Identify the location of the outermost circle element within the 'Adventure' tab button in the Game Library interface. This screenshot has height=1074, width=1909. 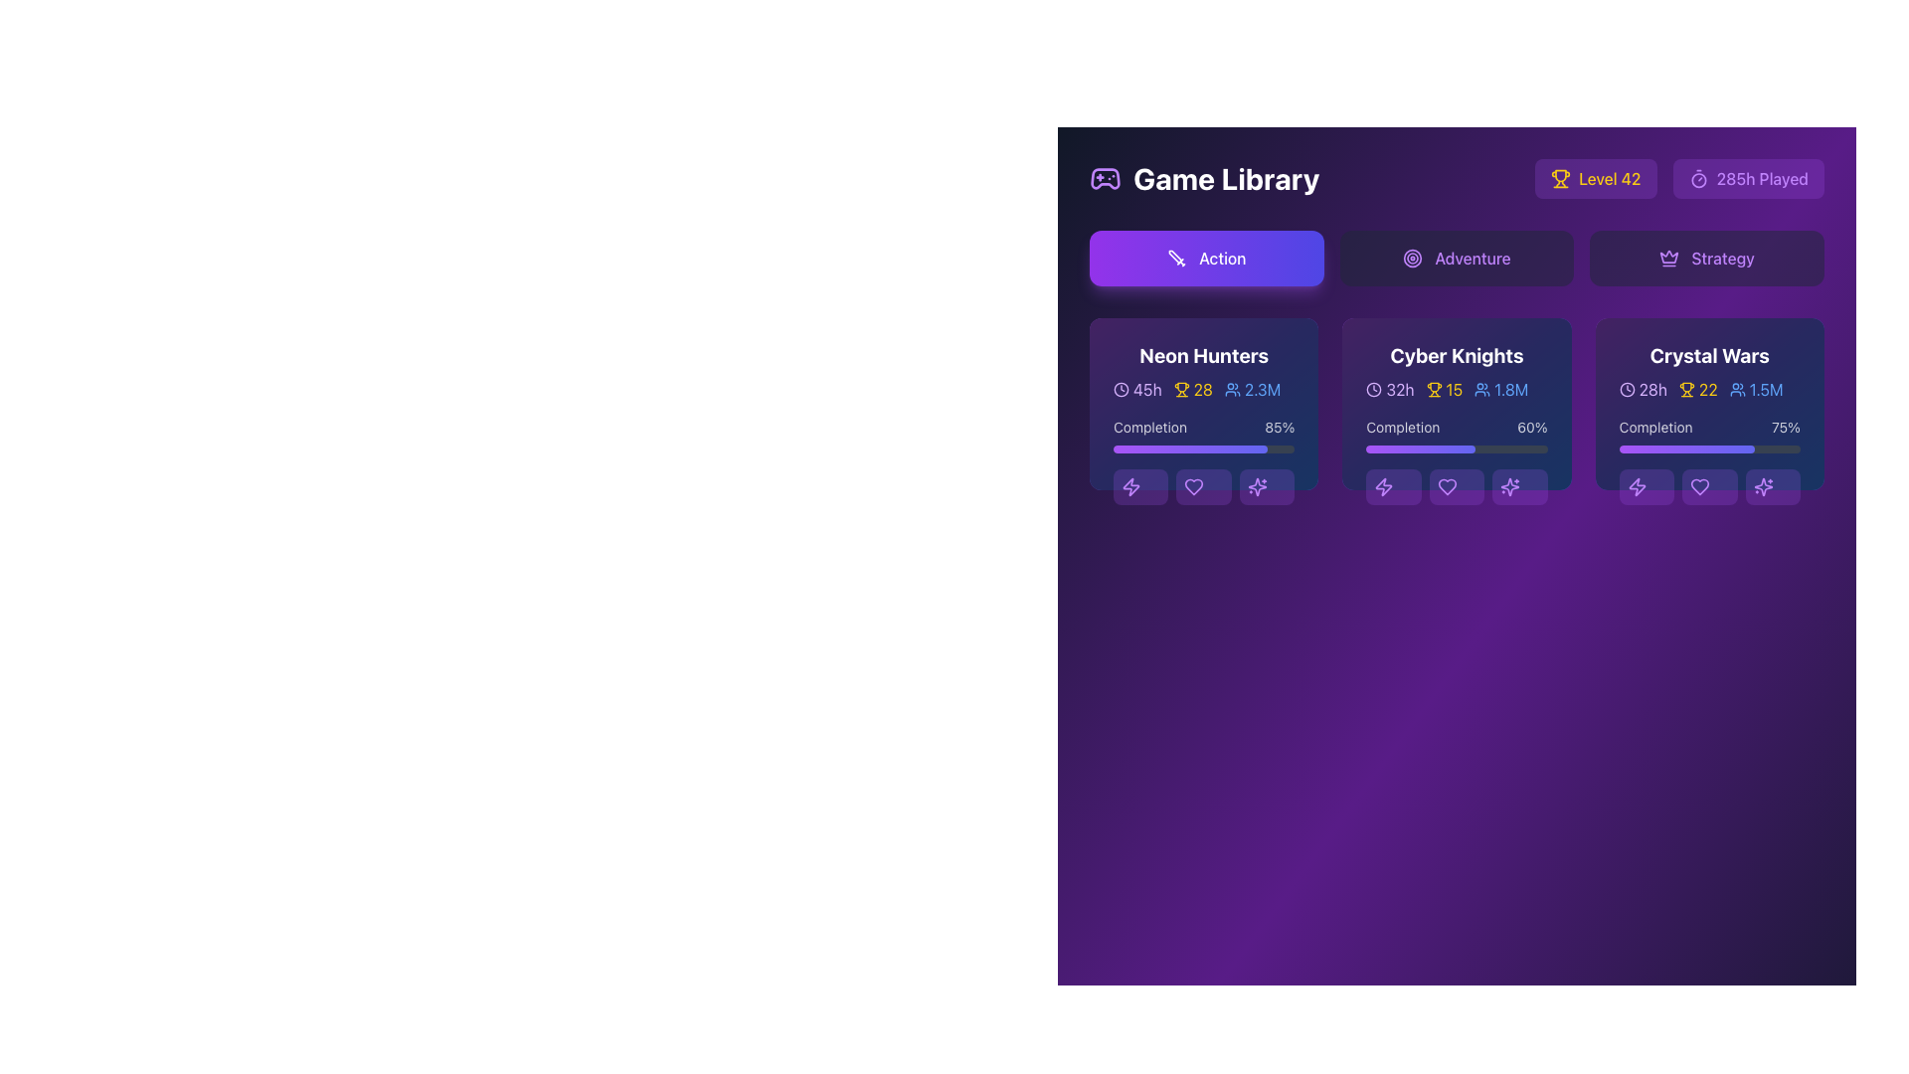
(1412, 257).